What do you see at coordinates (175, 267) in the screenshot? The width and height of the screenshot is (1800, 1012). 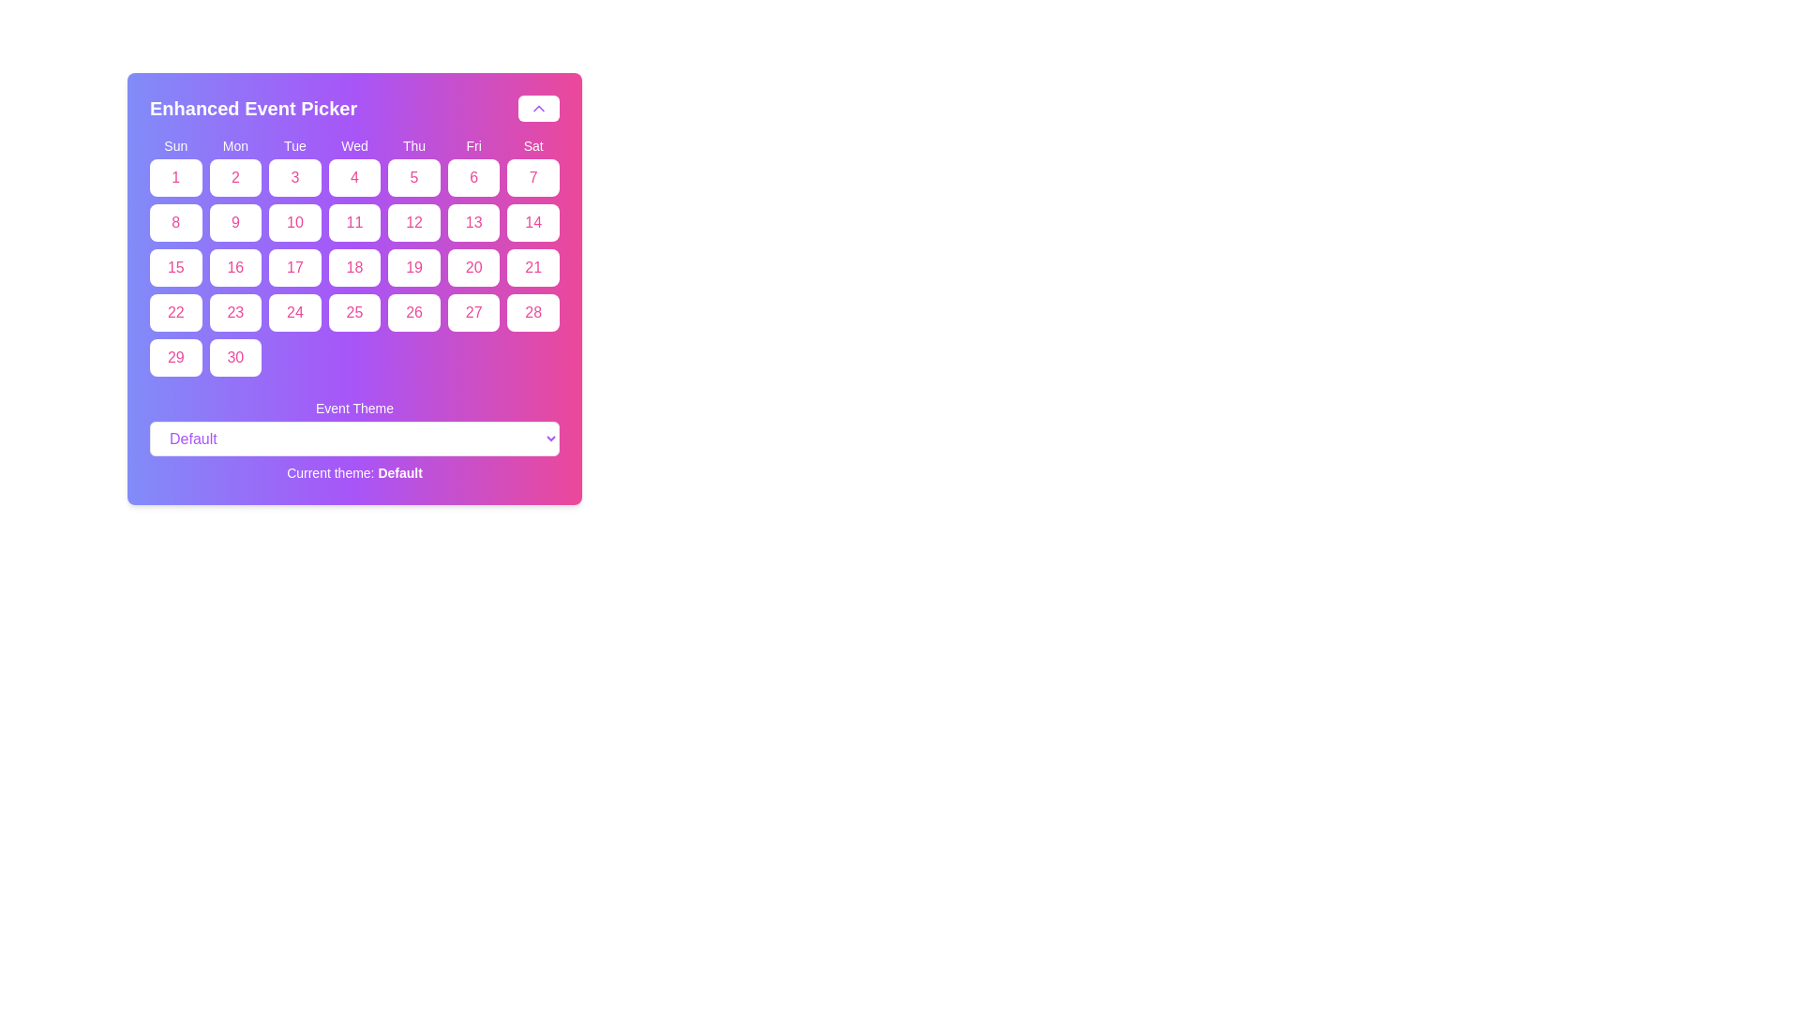 I see `the rounded rectangular button displaying the number '15' in pink color, located` at bounding box center [175, 267].